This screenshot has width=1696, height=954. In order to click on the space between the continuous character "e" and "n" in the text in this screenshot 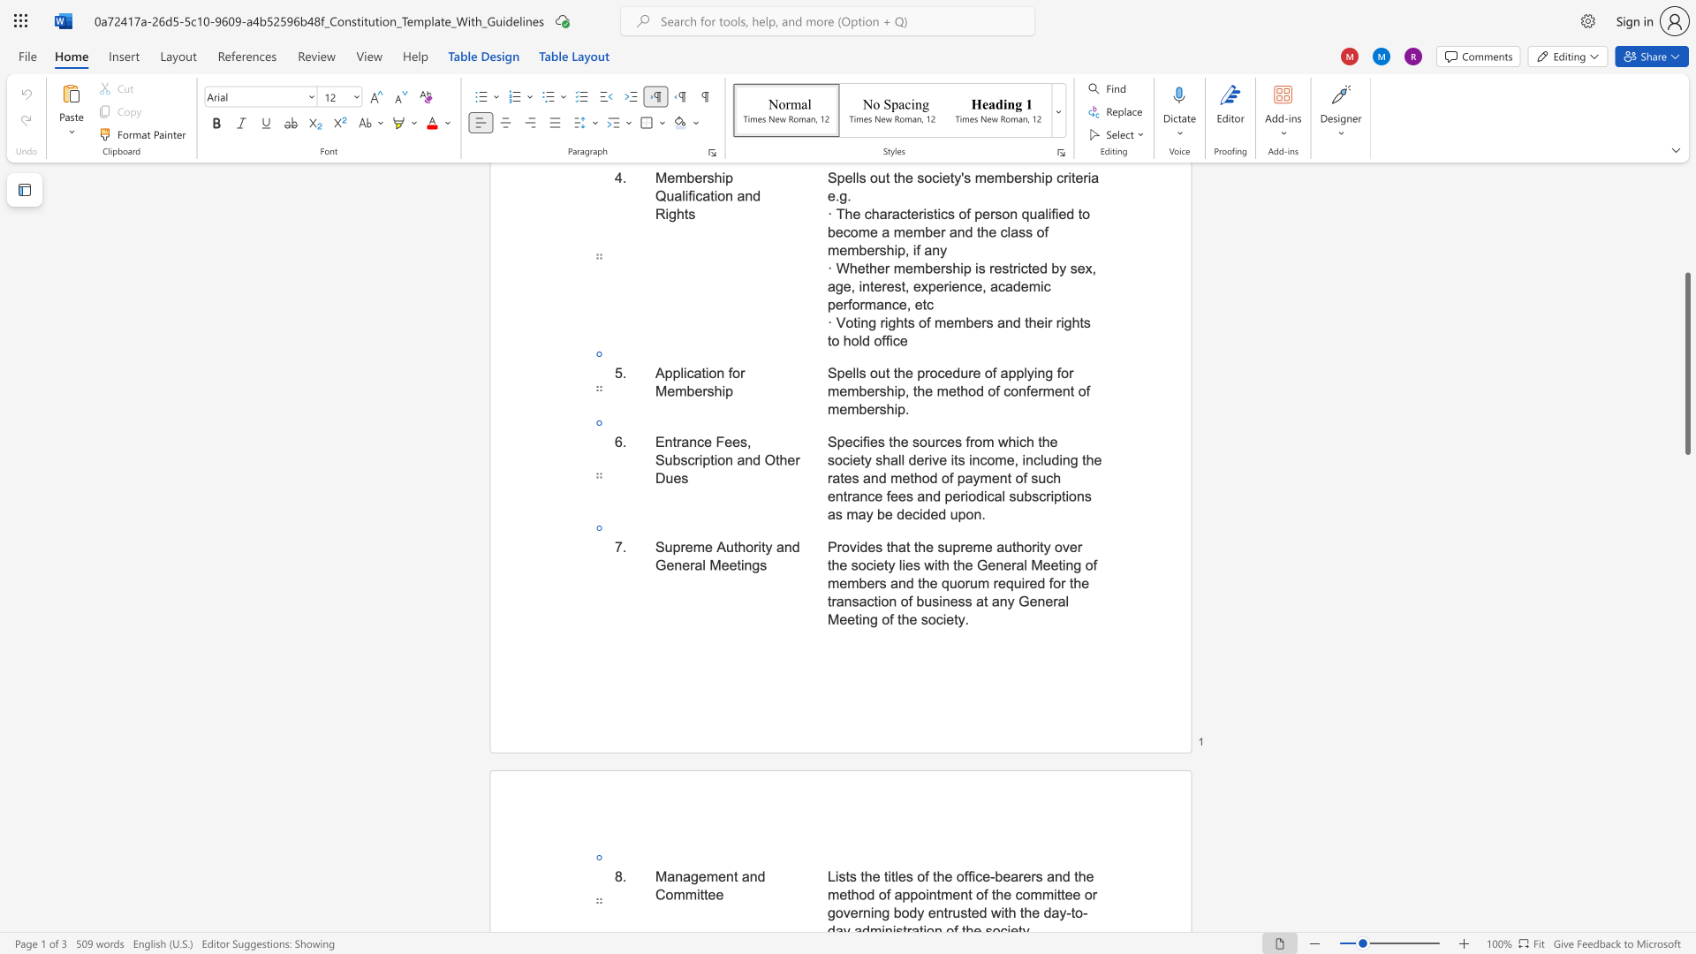, I will do `click(996, 565)`.